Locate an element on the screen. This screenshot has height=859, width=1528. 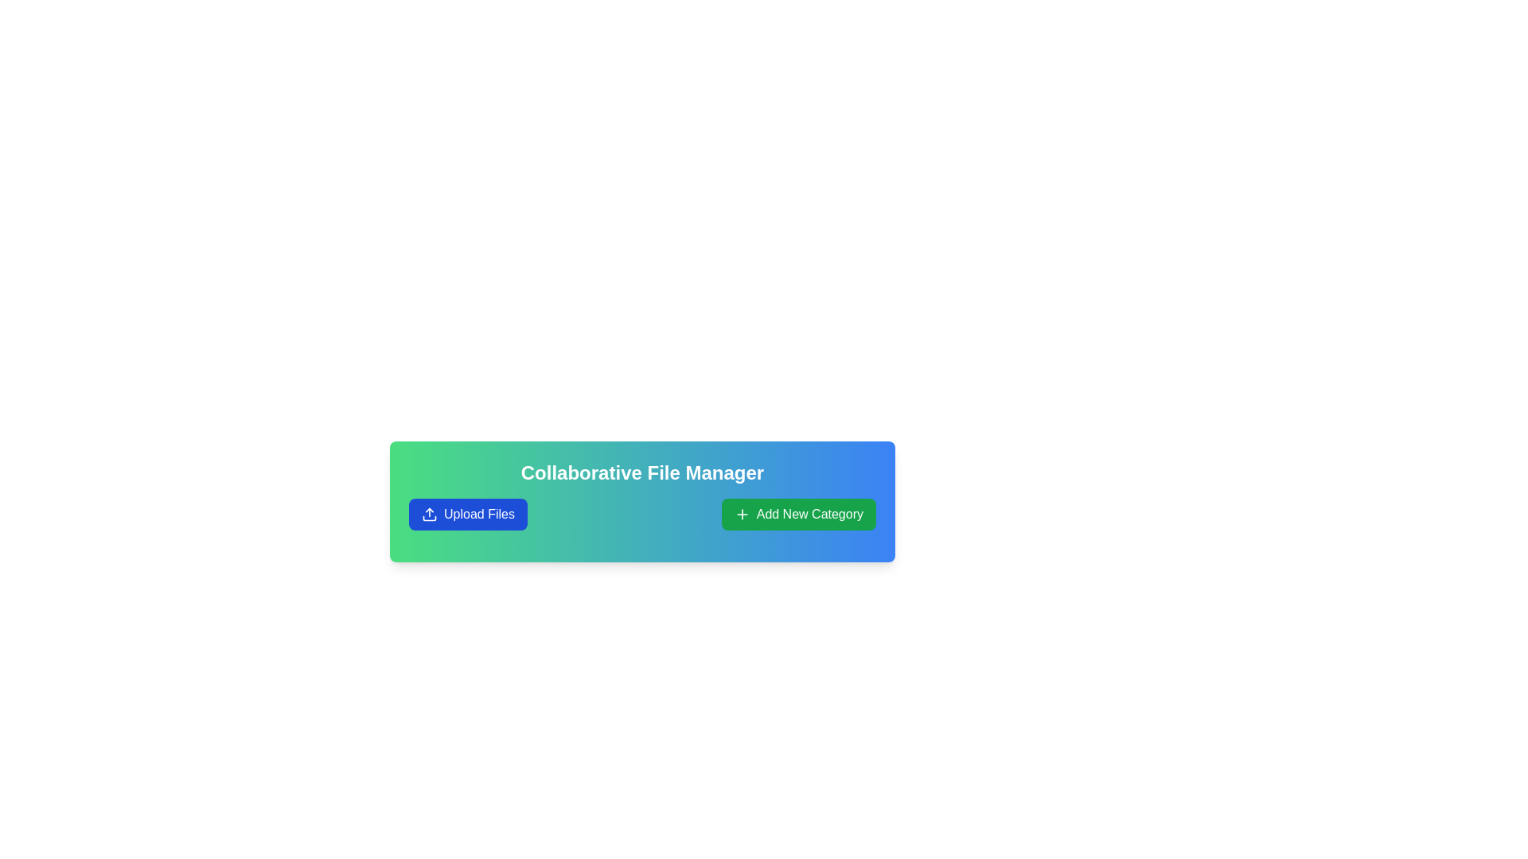
the green button labeled 'Add New Category' with a plus icon is located at coordinates (798, 515).